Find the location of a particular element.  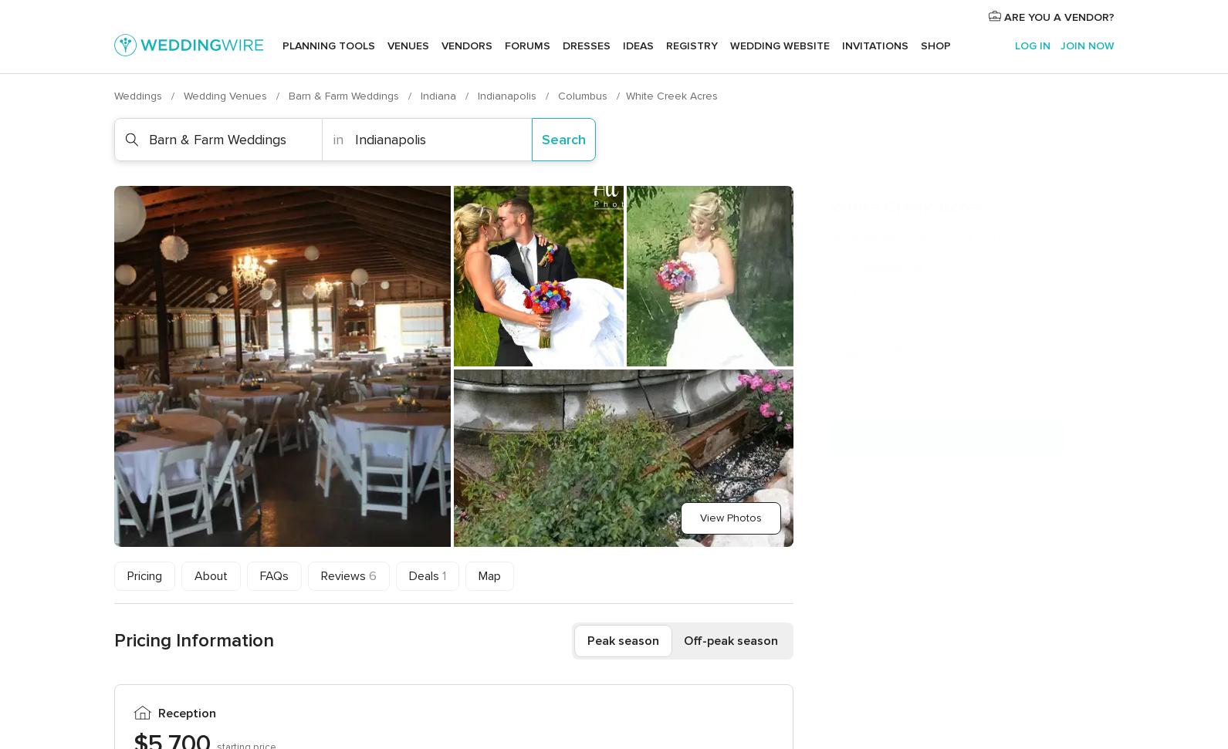

'Off-peak season' is located at coordinates (729, 639).